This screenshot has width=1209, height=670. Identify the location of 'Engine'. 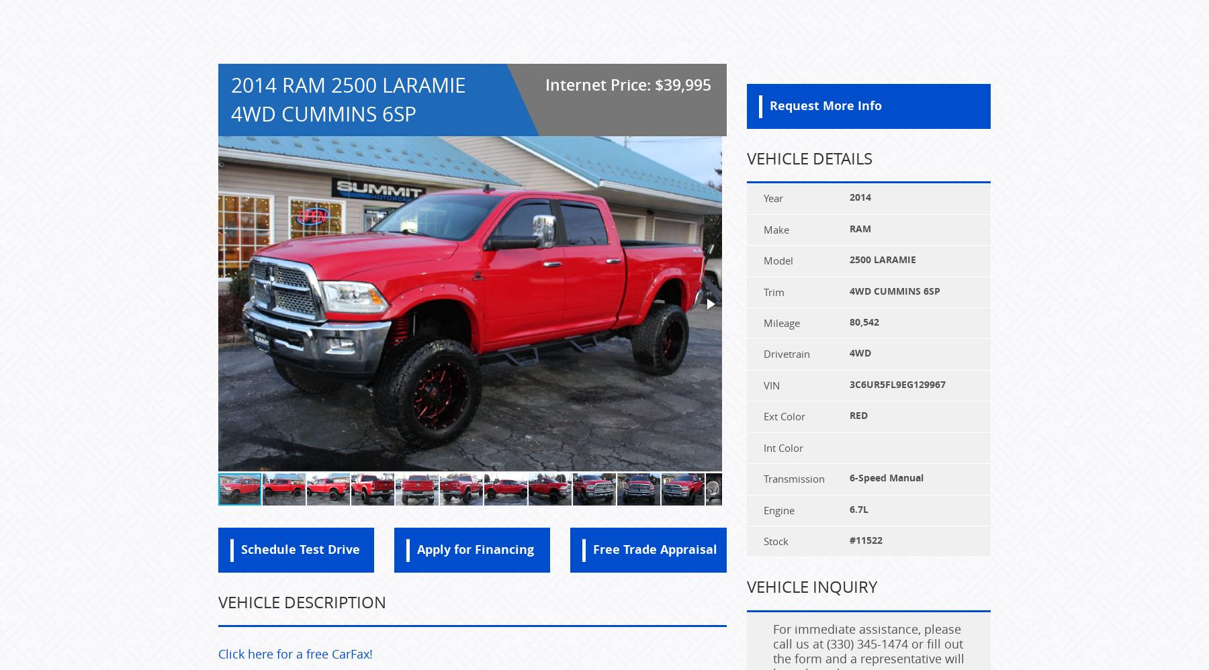
(778, 508).